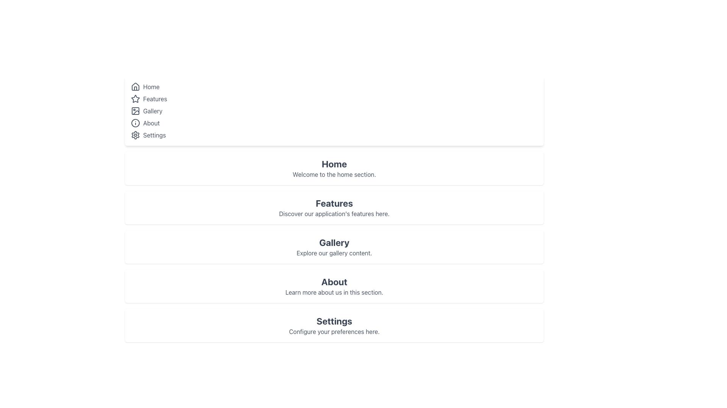  Describe the element at coordinates (136, 99) in the screenshot. I see `the 'Features' menu icon, which is positioned immediately to the left of the 'Features' text, serving as a visual indicator for the menu item` at that location.